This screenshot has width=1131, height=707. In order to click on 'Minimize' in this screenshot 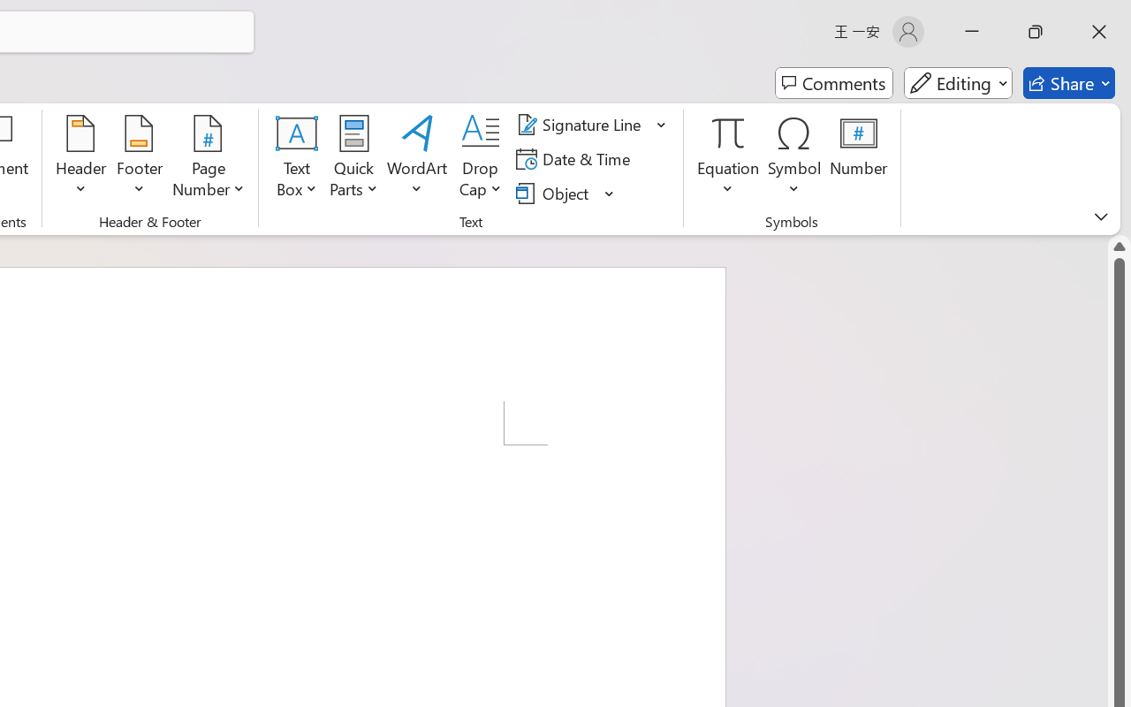, I will do `click(971, 31)`.